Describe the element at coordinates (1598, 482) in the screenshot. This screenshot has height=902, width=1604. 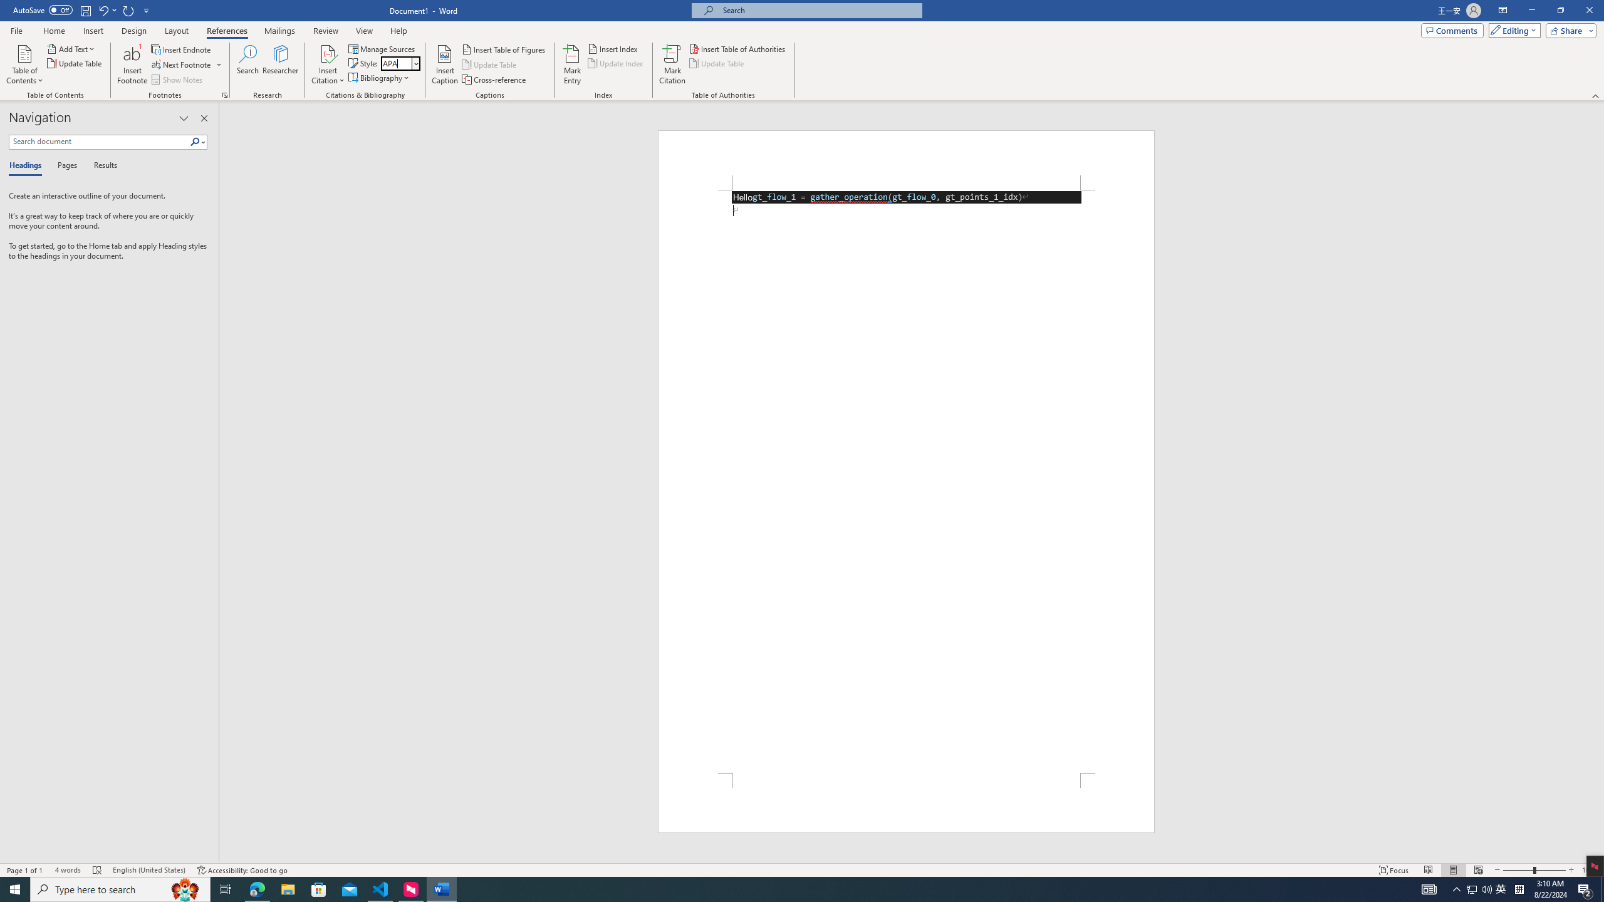
I see `'Class: NetUIScrollBar'` at that location.